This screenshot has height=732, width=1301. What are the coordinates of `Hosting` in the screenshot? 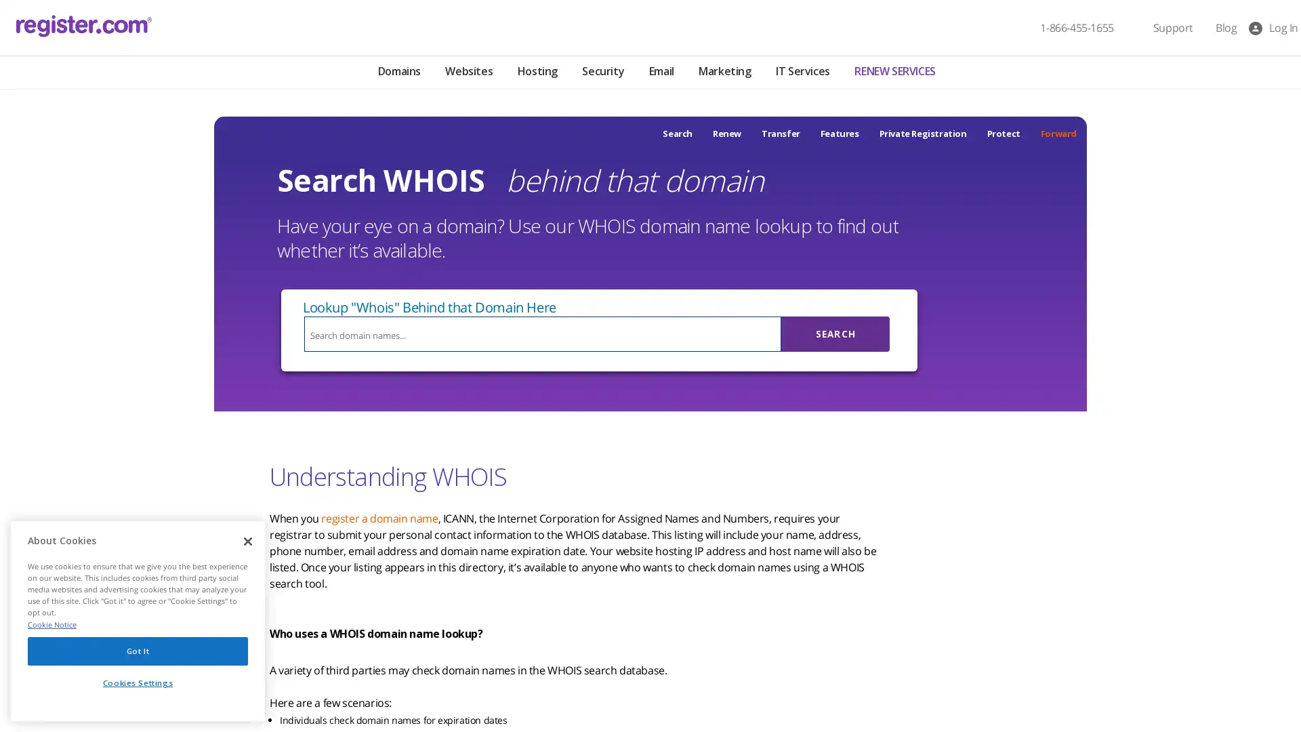 It's located at (536, 73).